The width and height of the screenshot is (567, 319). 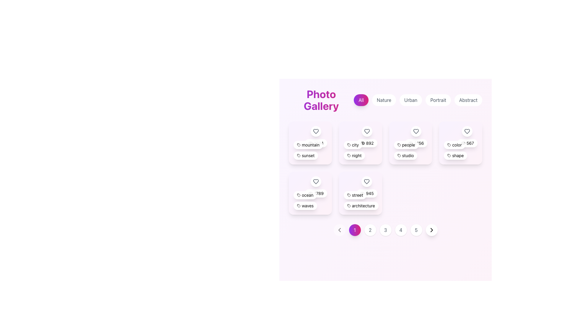 What do you see at coordinates (362, 193) in the screenshot?
I see `the visibility icon located at the bottom-right of the 'street' tag within the grid card, which is associated with statistics display` at bounding box center [362, 193].